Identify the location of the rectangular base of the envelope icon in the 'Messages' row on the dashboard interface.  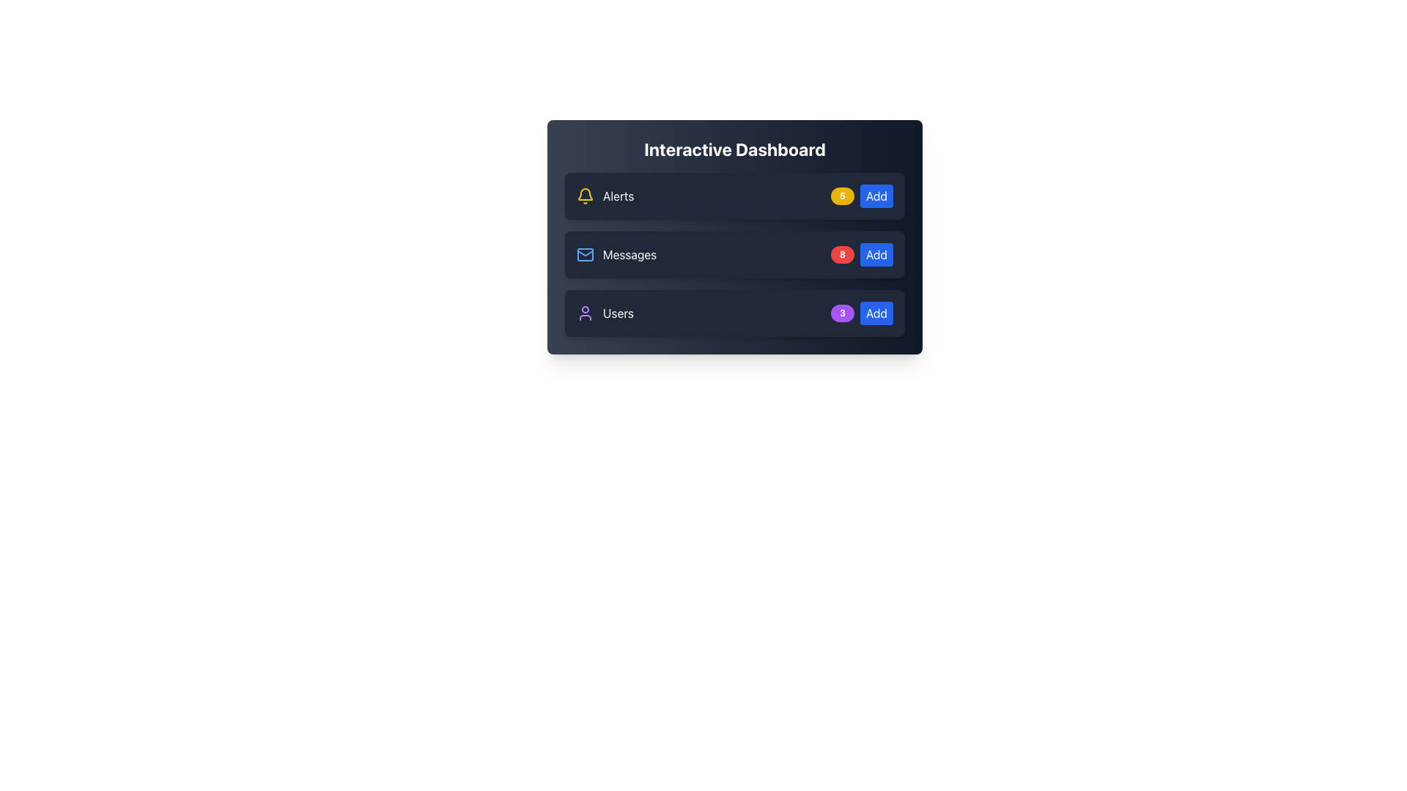
(584, 253).